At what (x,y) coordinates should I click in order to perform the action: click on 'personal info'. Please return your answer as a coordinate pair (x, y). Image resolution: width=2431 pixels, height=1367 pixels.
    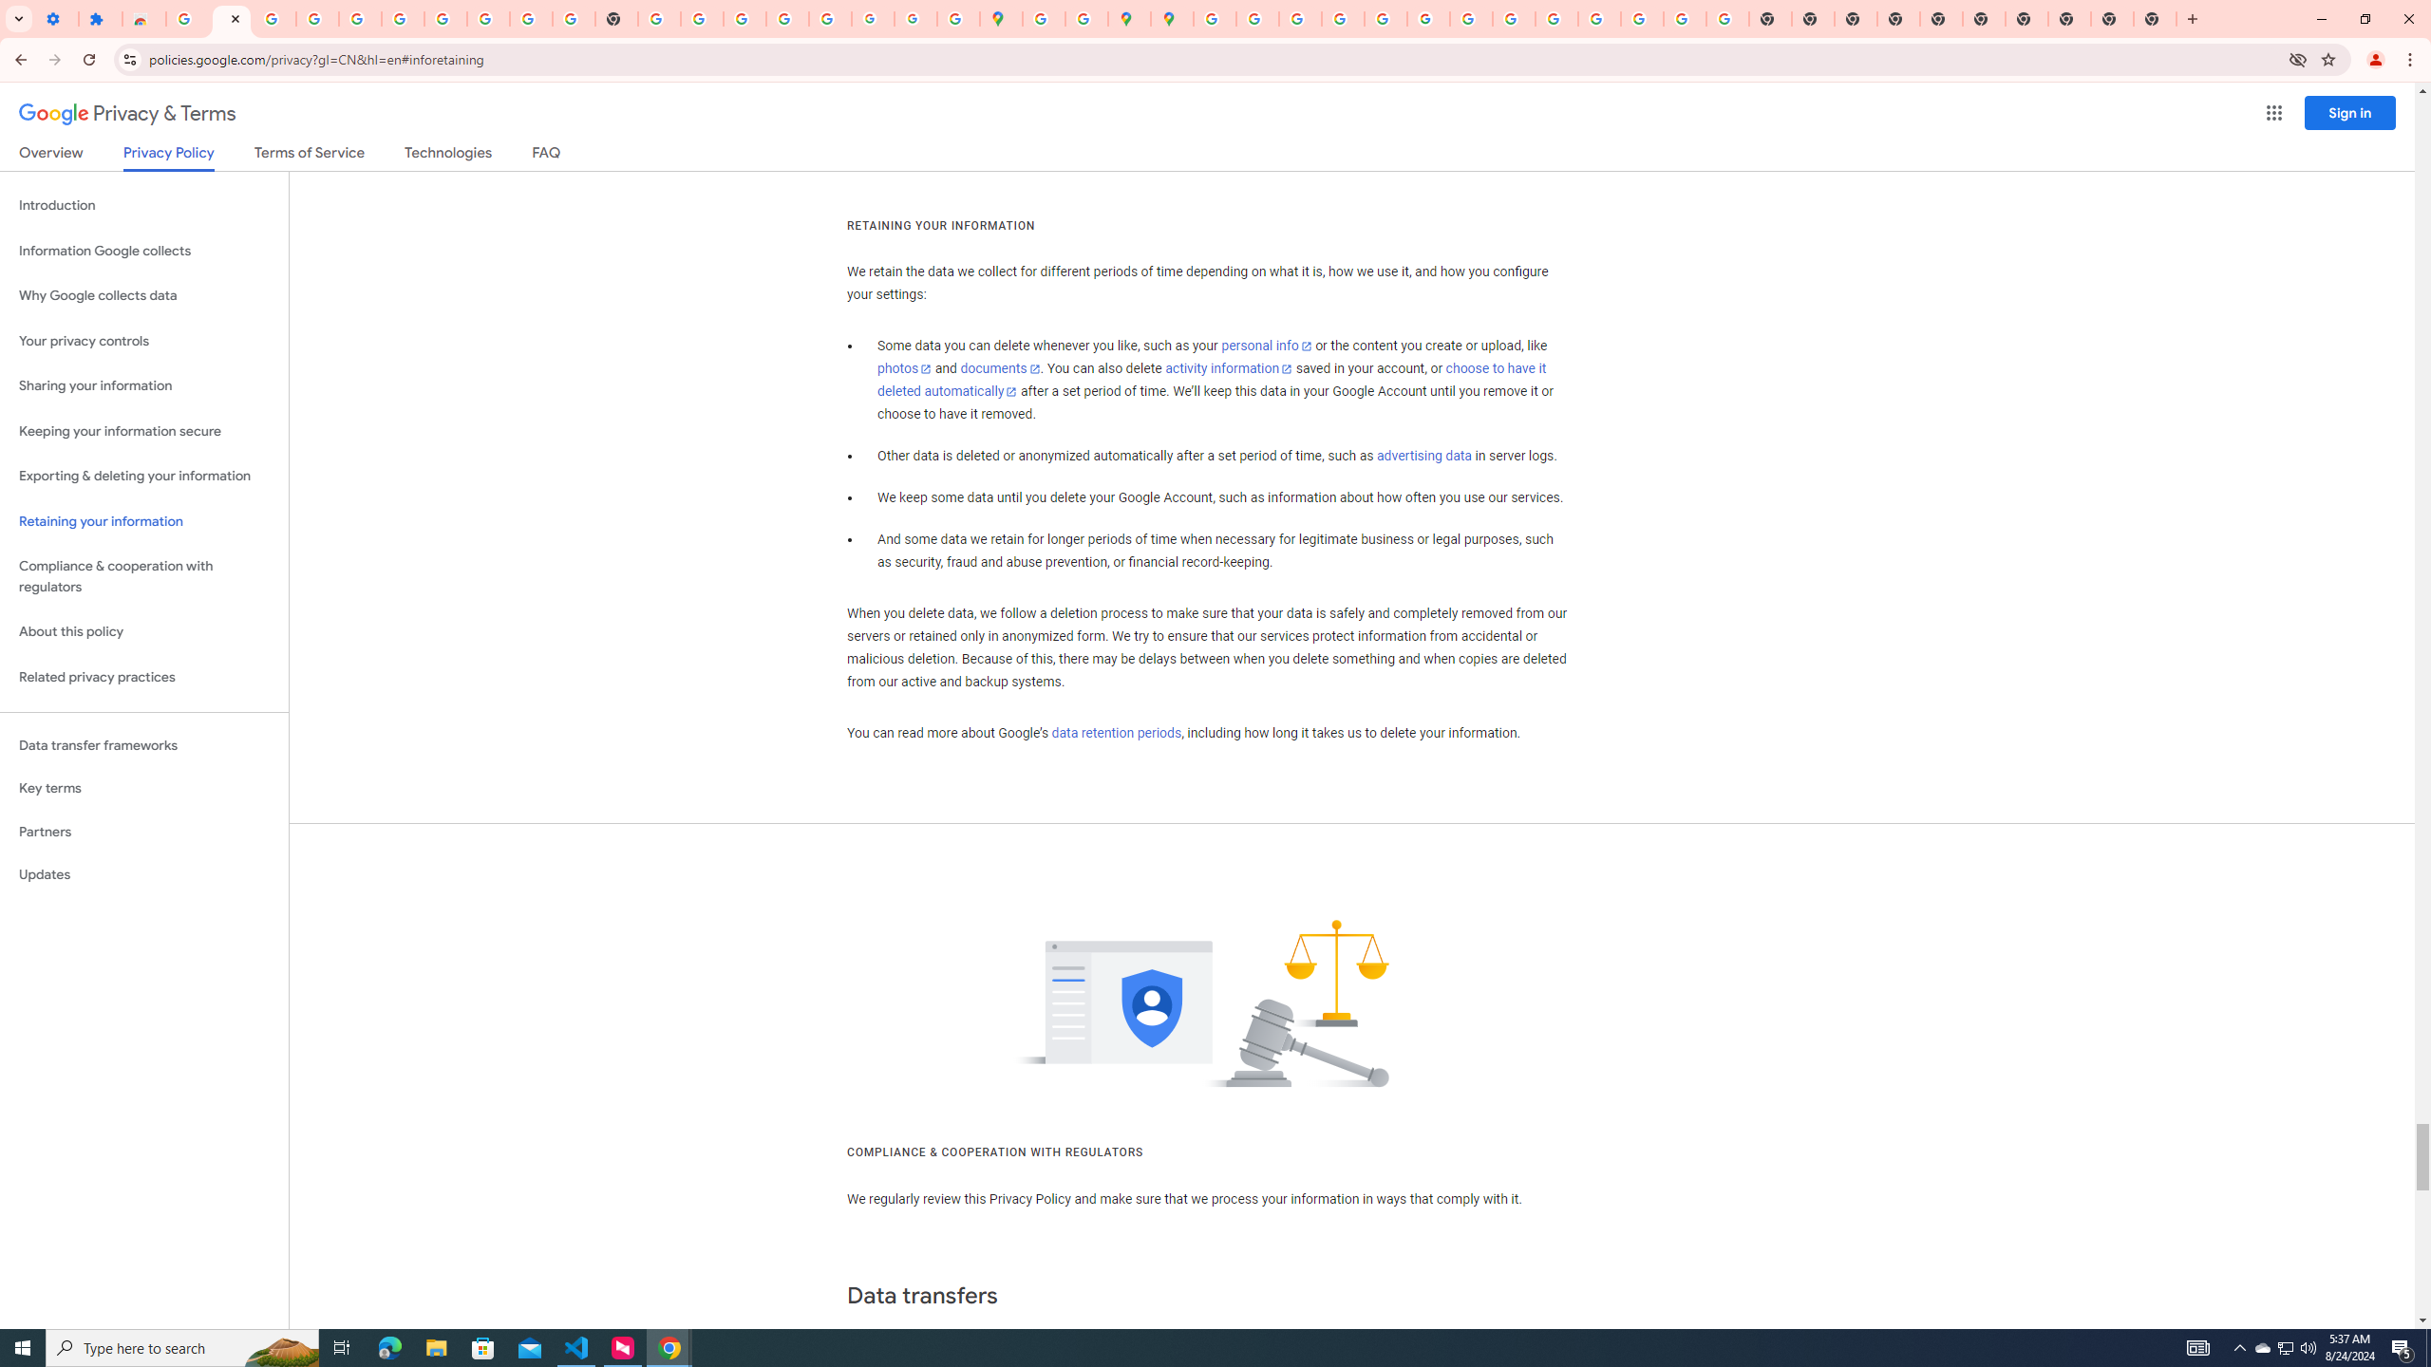
    Looking at the image, I should click on (1265, 346).